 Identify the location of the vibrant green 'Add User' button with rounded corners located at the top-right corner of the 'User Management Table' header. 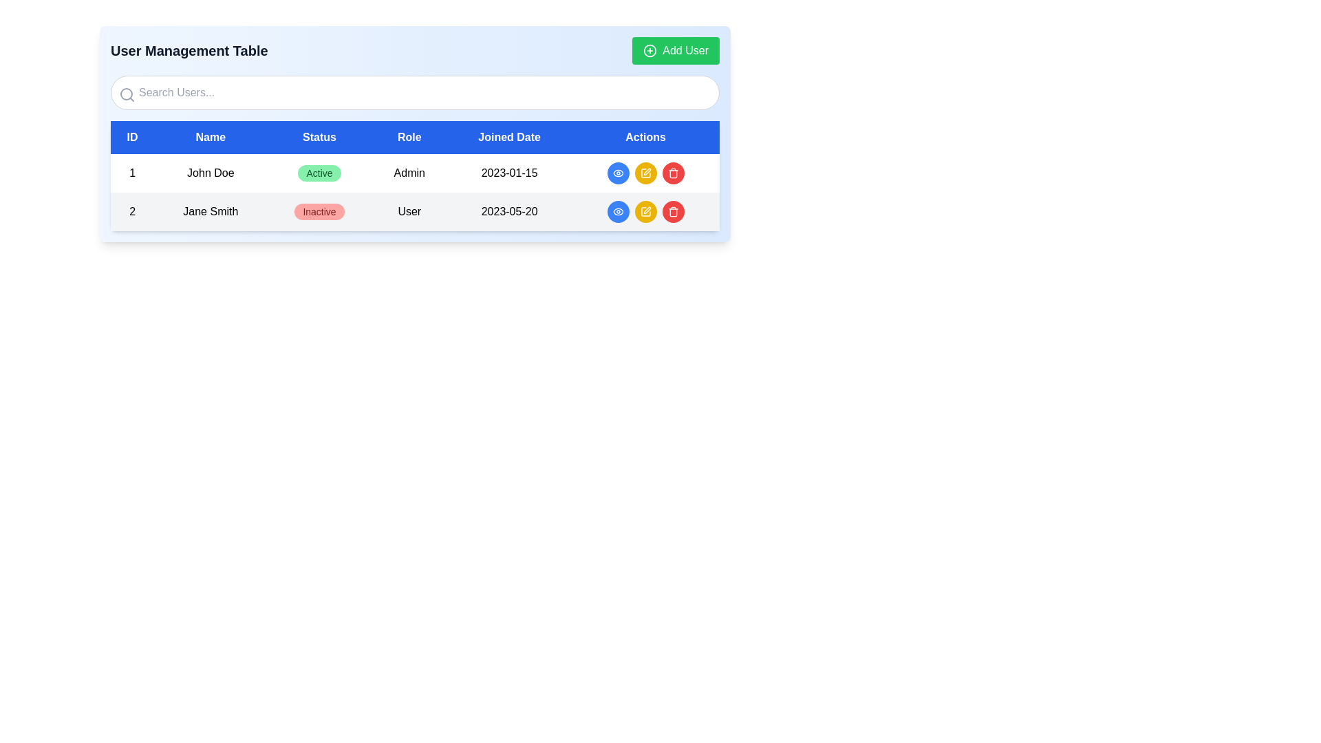
(676, 50).